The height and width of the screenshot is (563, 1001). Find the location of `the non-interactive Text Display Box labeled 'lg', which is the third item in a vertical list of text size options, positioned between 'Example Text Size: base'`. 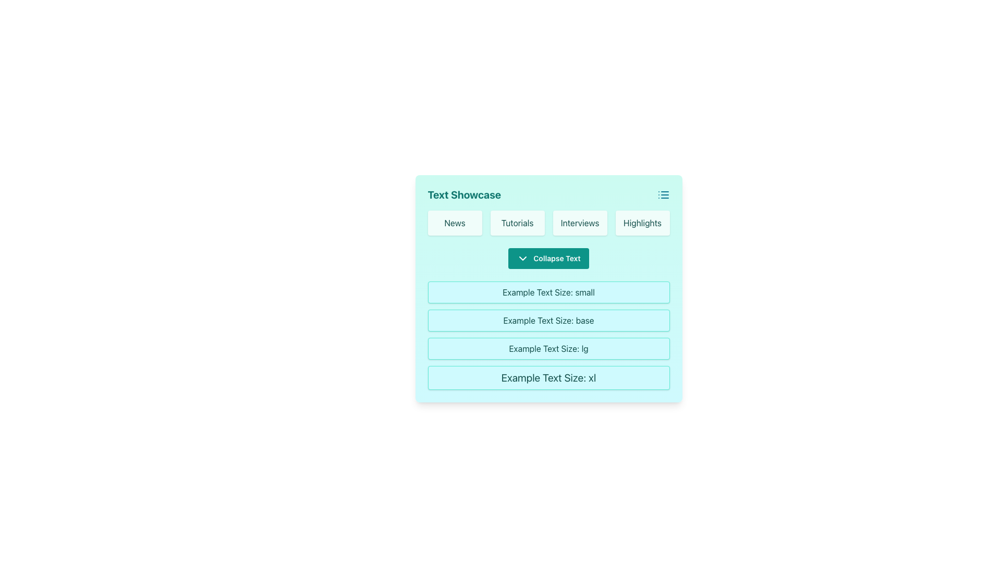

the non-interactive Text Display Box labeled 'lg', which is the third item in a vertical list of text size options, positioned between 'Example Text Size: base' is located at coordinates (548, 348).